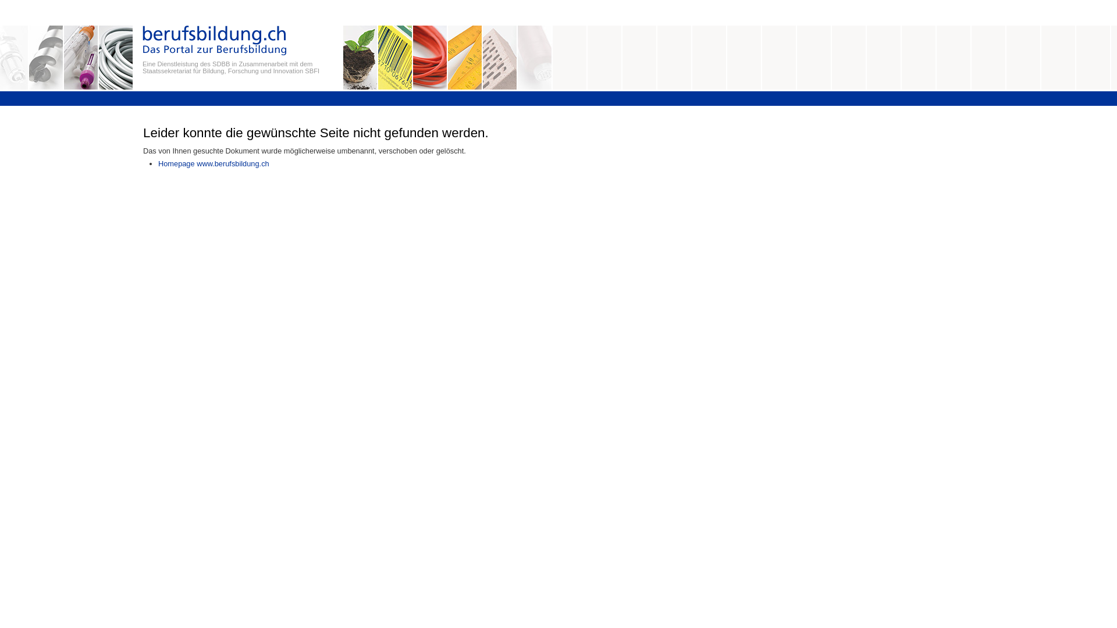  Describe the element at coordinates (214, 163) in the screenshot. I see `'Homepage www.berufsbildung.ch'` at that location.